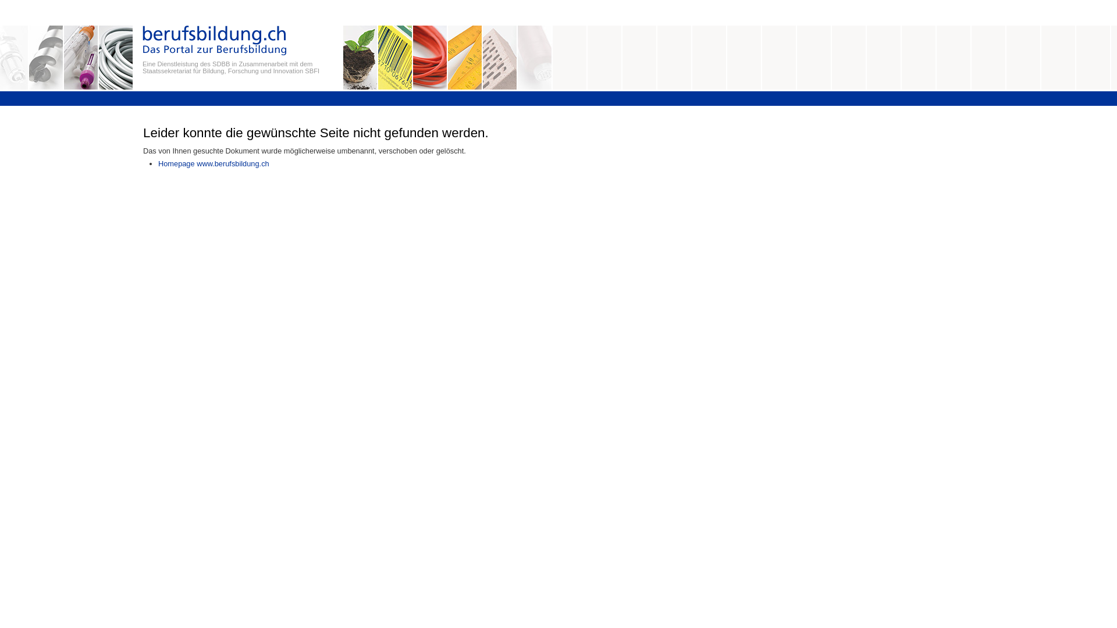  Describe the element at coordinates (214, 163) in the screenshot. I see `'Homepage www.berufsbildung.ch'` at that location.